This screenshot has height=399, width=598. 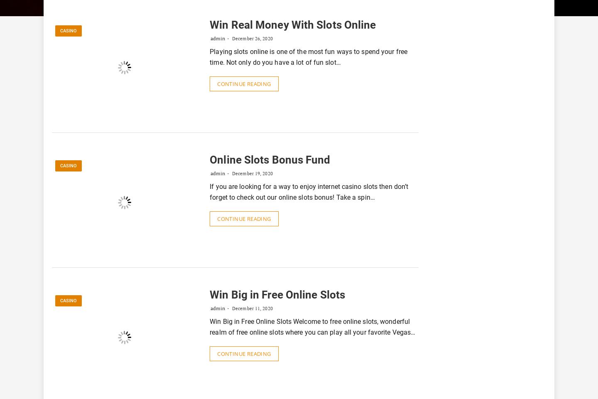 I want to click on 'Playing slots online is one of the most fun ways to spend your free time. Not only do you have a lot of fun slot…', so click(x=308, y=56).